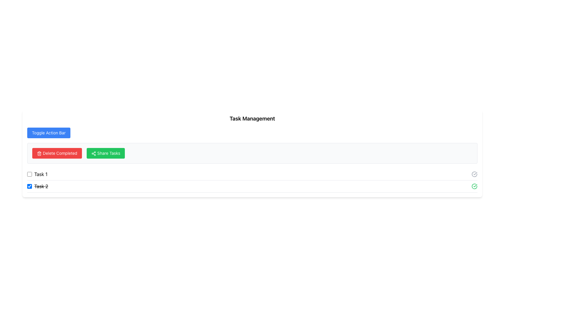 This screenshot has height=319, width=568. I want to click on the Icon located to the right of the text label 'Task 2' in the second row of the task list, so click(474, 174).